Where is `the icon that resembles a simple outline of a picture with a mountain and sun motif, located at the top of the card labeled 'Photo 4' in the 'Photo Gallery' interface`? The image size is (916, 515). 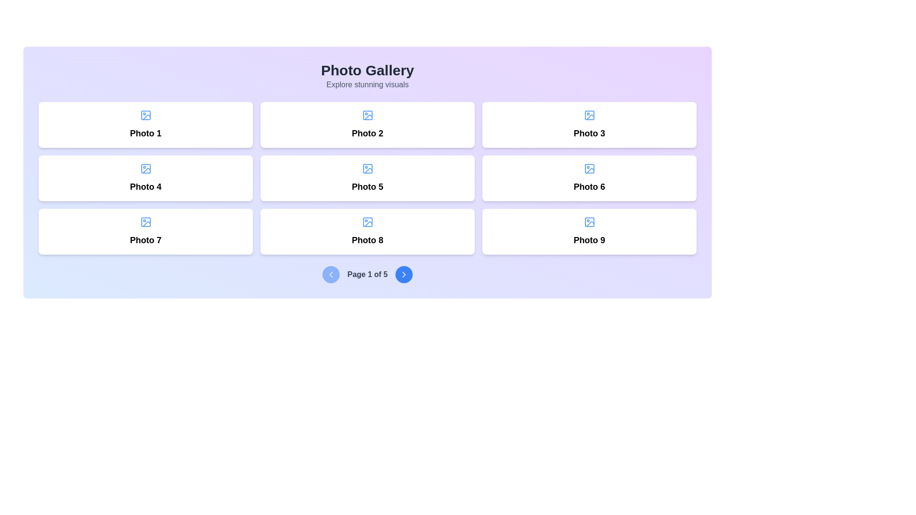 the icon that resembles a simple outline of a picture with a mountain and sun motif, located at the top of the card labeled 'Photo 4' in the 'Photo Gallery' interface is located at coordinates (145, 168).